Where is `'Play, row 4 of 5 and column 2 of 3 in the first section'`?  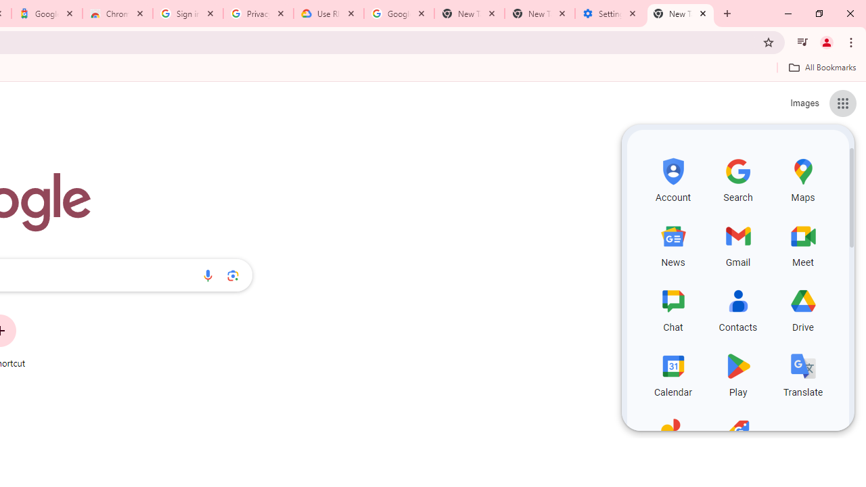
'Play, row 4 of 5 and column 2 of 3 in the first section' is located at coordinates (737, 373).